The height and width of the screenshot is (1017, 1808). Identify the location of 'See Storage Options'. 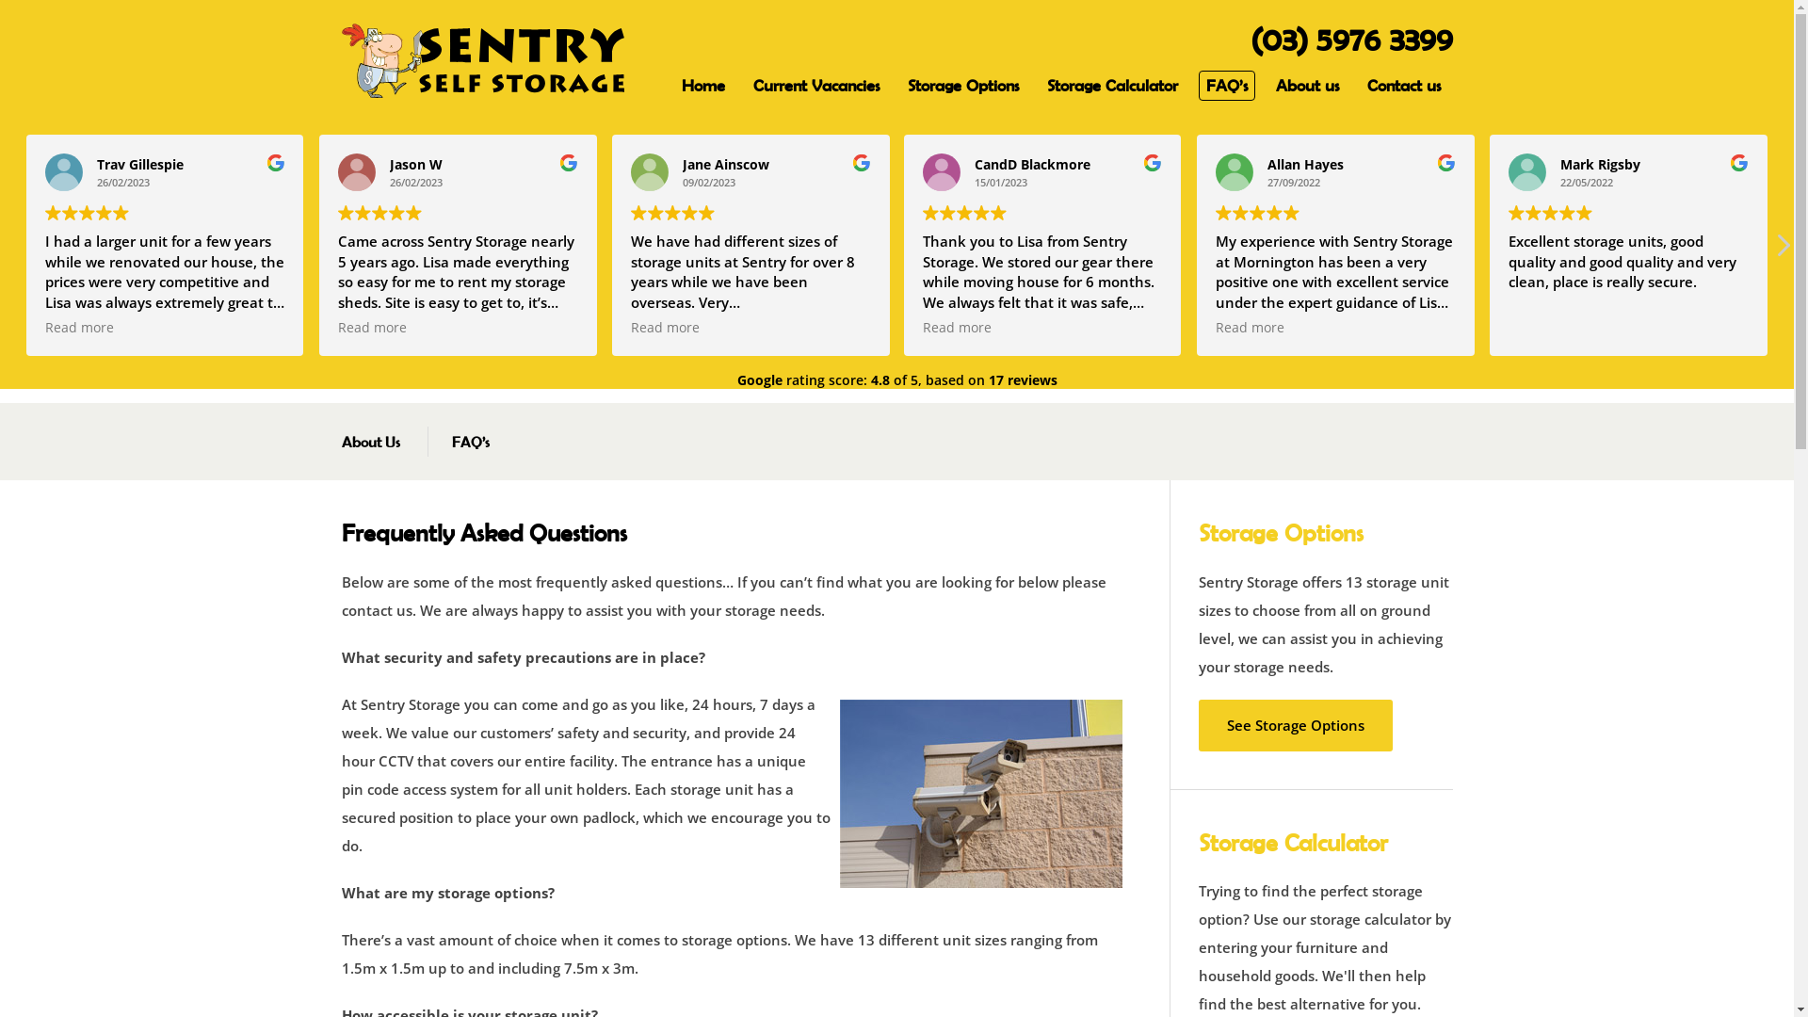
(1293, 724).